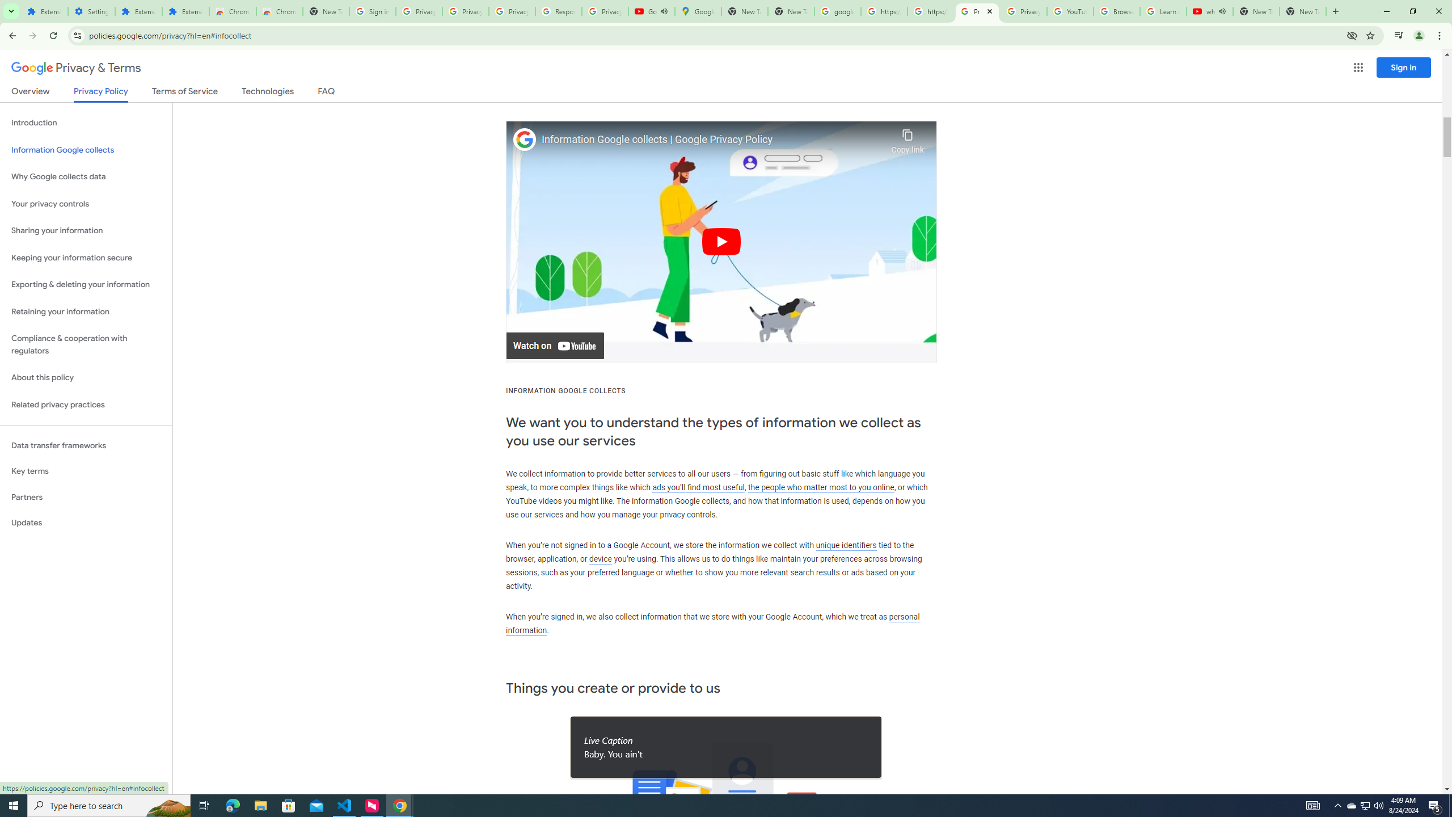  What do you see at coordinates (232, 11) in the screenshot?
I see `'Chrome Web Store'` at bounding box center [232, 11].